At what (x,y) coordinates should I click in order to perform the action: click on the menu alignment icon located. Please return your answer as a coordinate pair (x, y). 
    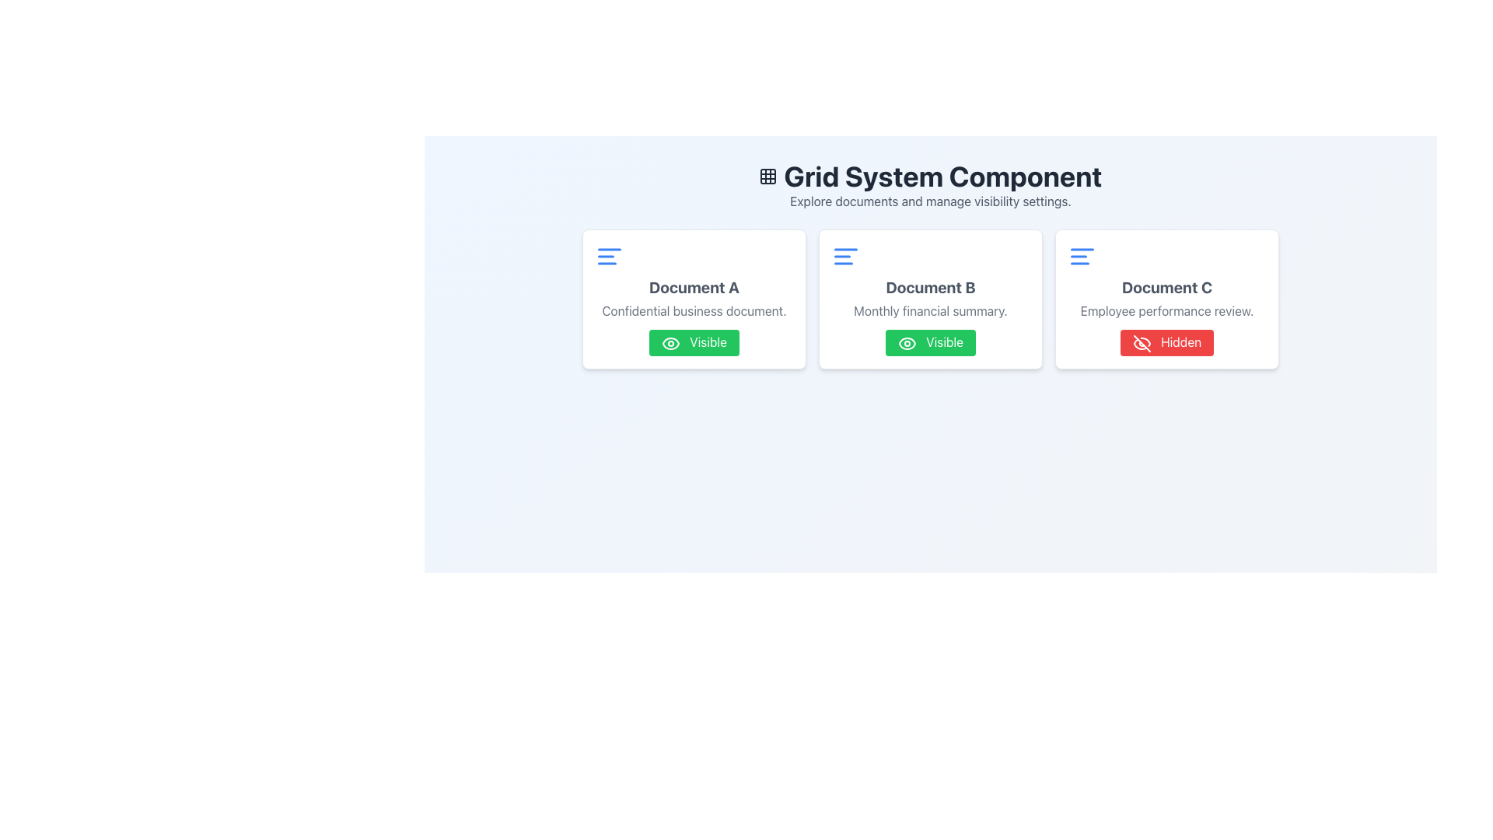
    Looking at the image, I should click on (1082, 256).